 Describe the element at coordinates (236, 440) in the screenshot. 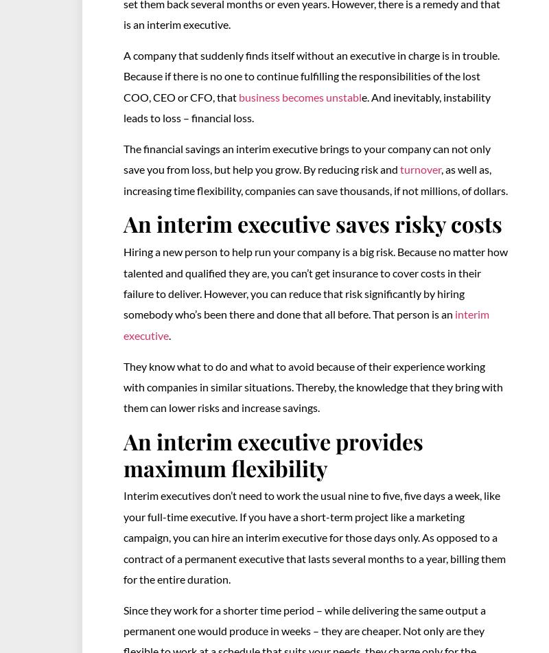

I see `'An interim executive p'` at that location.